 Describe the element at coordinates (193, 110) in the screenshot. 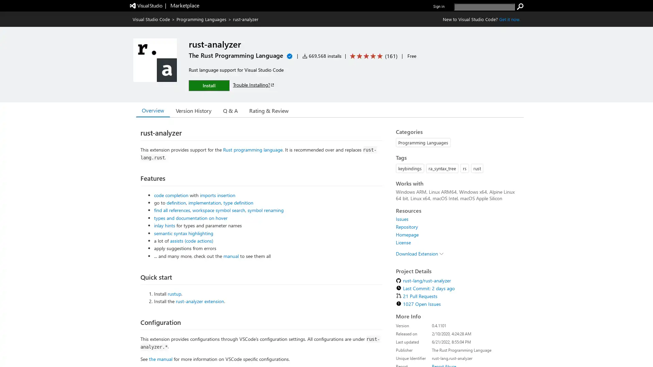

I see `Version History` at that location.